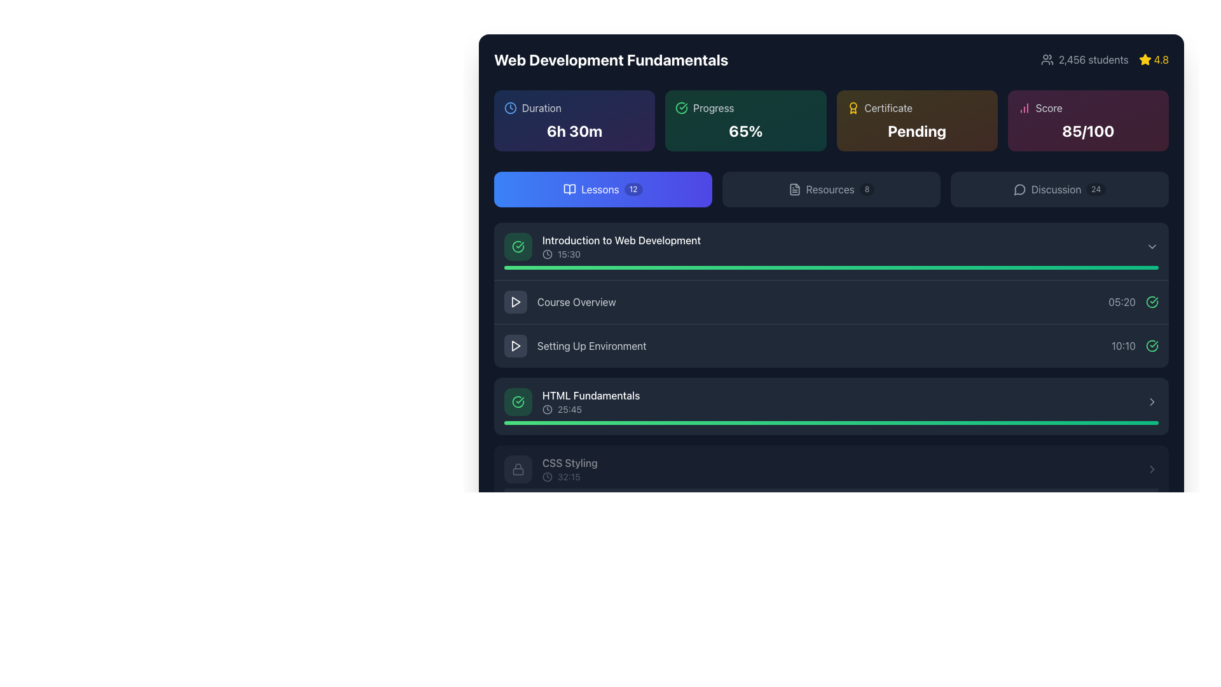  What do you see at coordinates (1087, 120) in the screenshot?
I see `the informational card displaying the score value and descriptive label located at the far-right position of the top row in the grid layout` at bounding box center [1087, 120].